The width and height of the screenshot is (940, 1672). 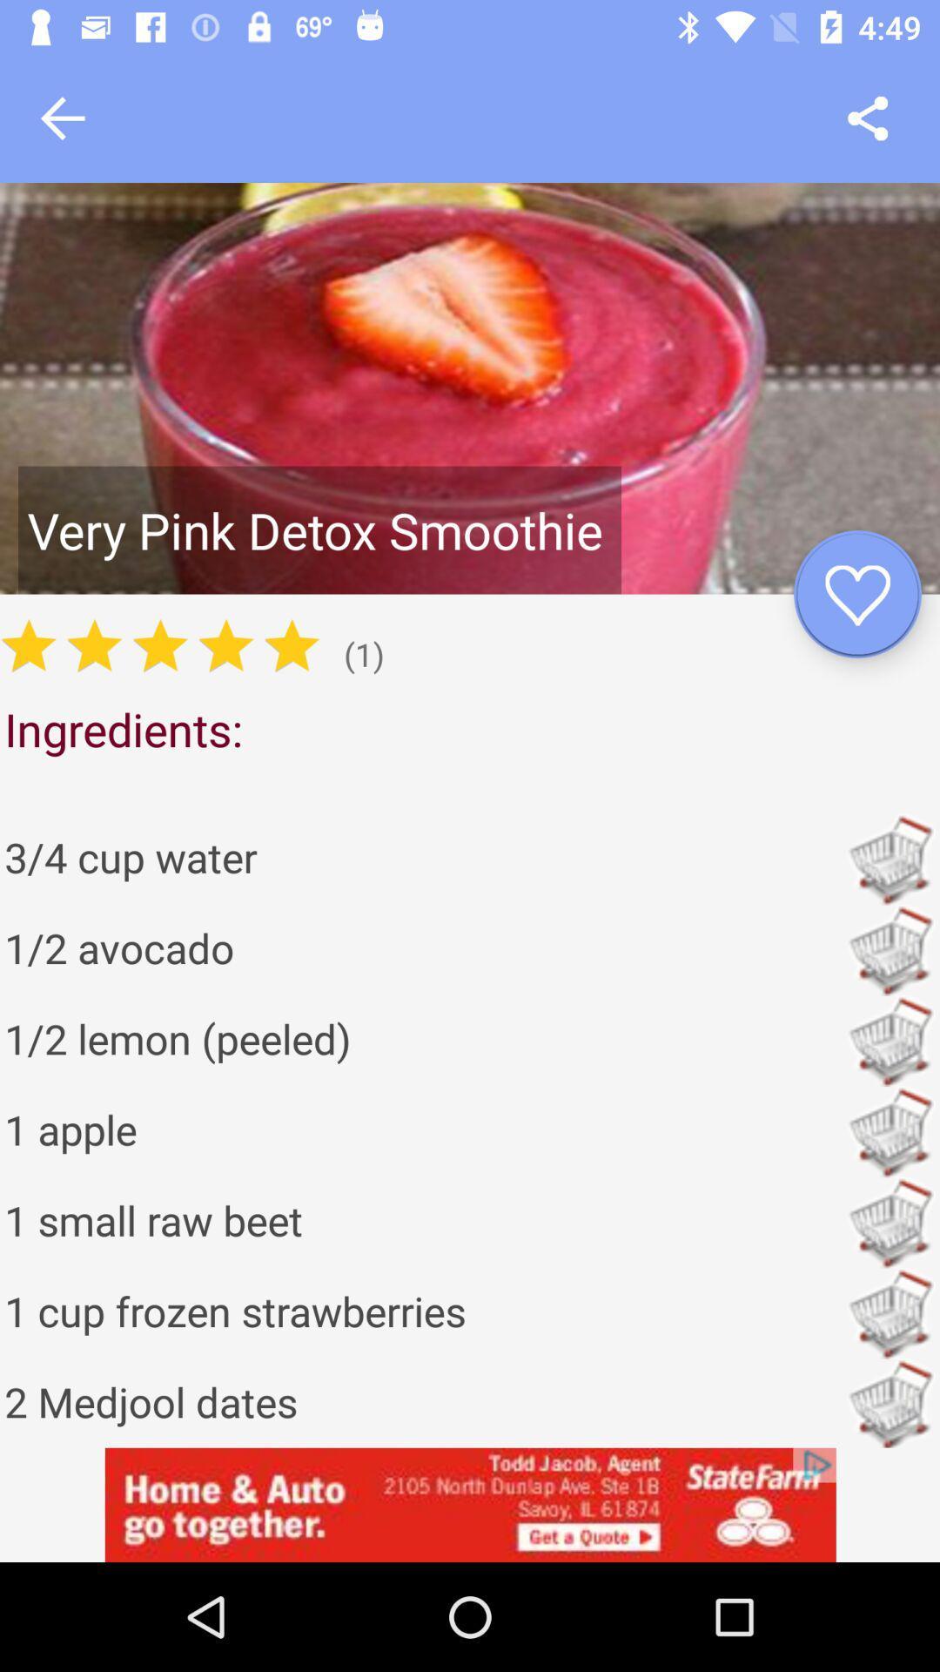 I want to click on advertisement sponsored link, so click(x=470, y=1504).